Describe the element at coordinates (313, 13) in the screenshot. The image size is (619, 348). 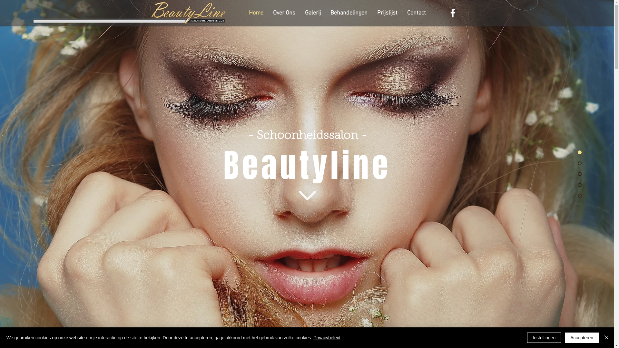
I see `'Galerij'` at that location.